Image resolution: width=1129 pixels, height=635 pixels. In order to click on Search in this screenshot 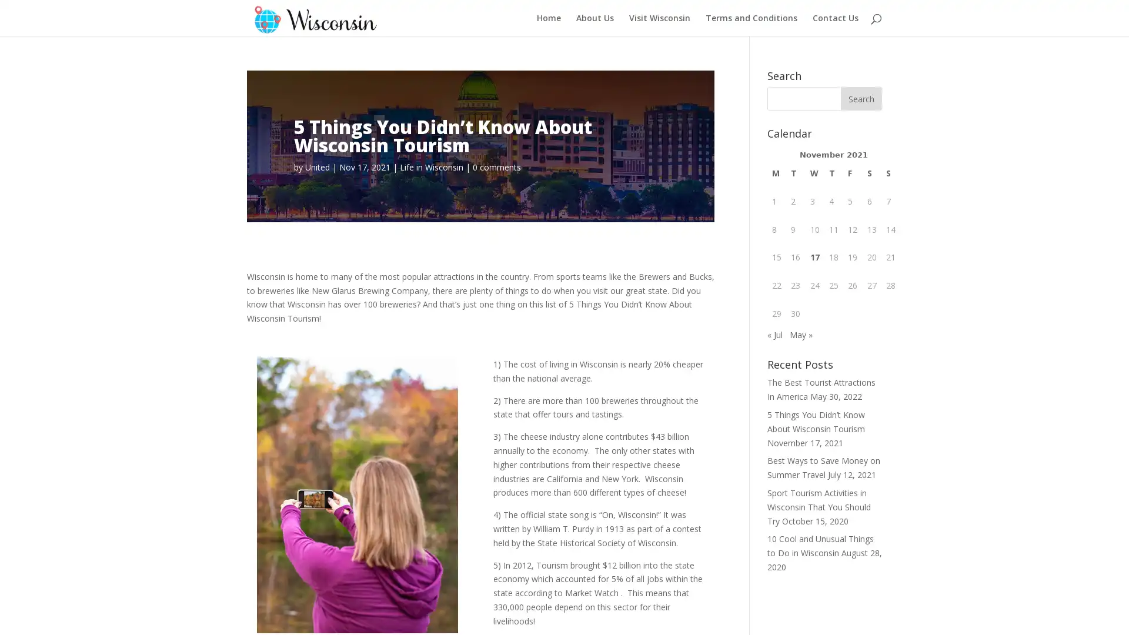, I will do `click(861, 98)`.